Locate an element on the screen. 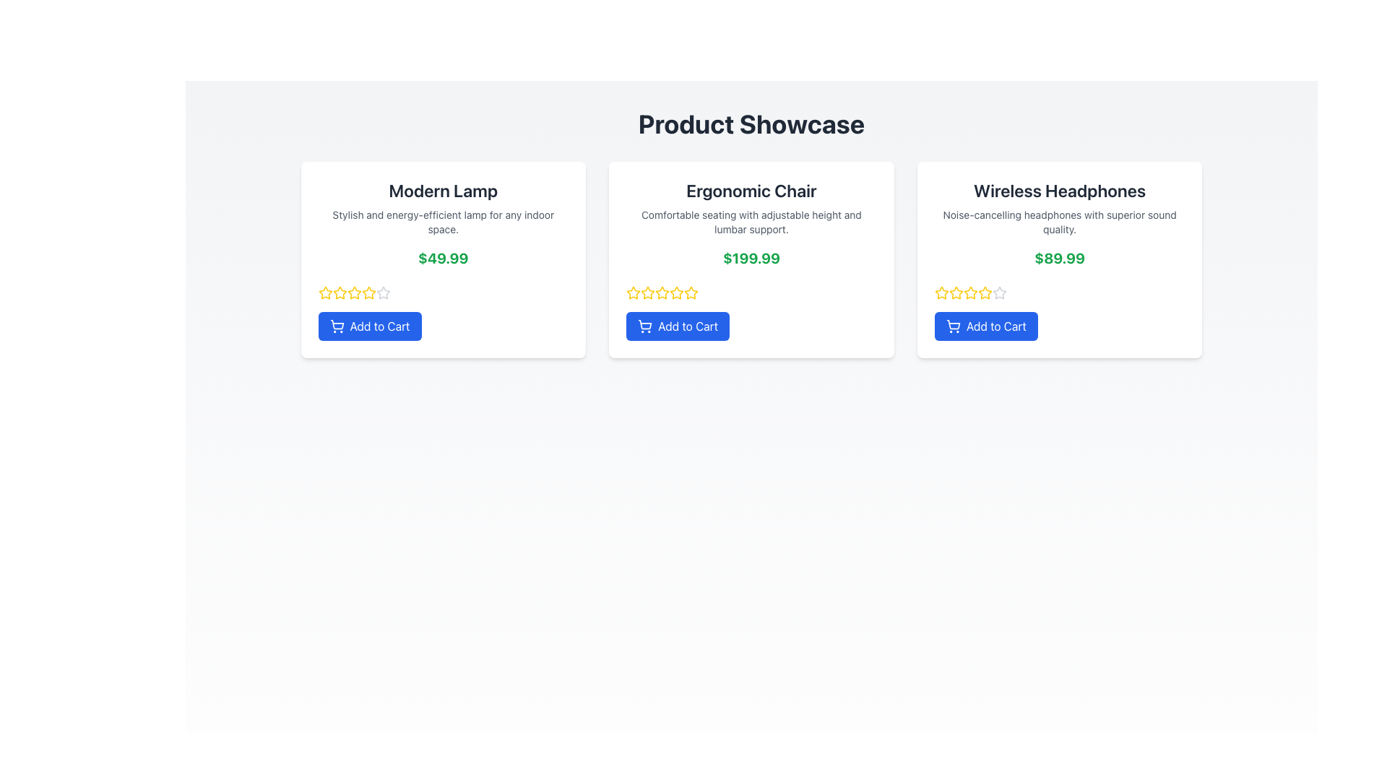  the 'Add to Cart' button for the 'Wireless Headphones' located at the bottom right of the product card is located at coordinates (985, 326).